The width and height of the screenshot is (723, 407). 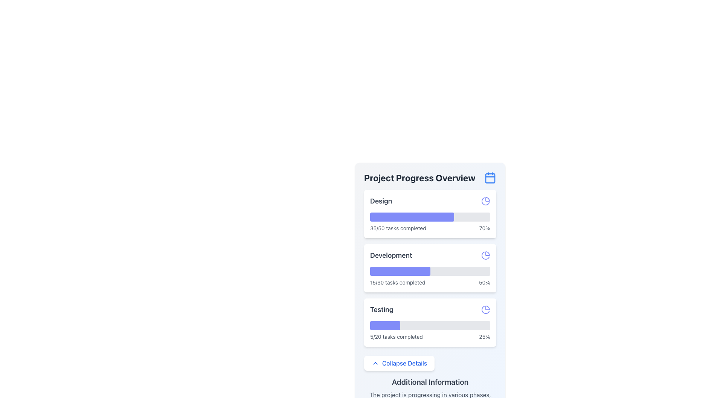 I want to click on the second segment of the pie chart icon located at the top right of the 'Design' card, so click(x=485, y=201).